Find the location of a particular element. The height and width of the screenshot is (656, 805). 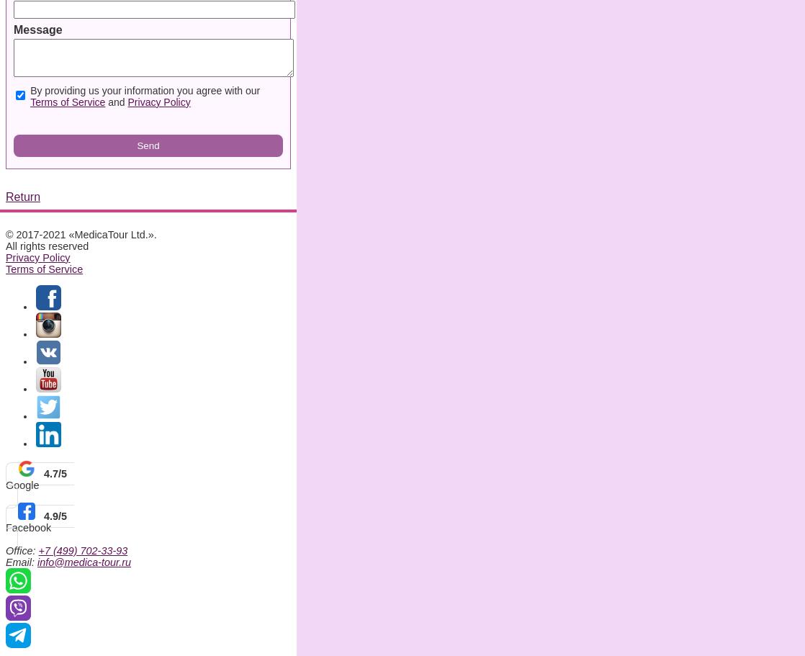

'Message' is located at coordinates (37, 28).